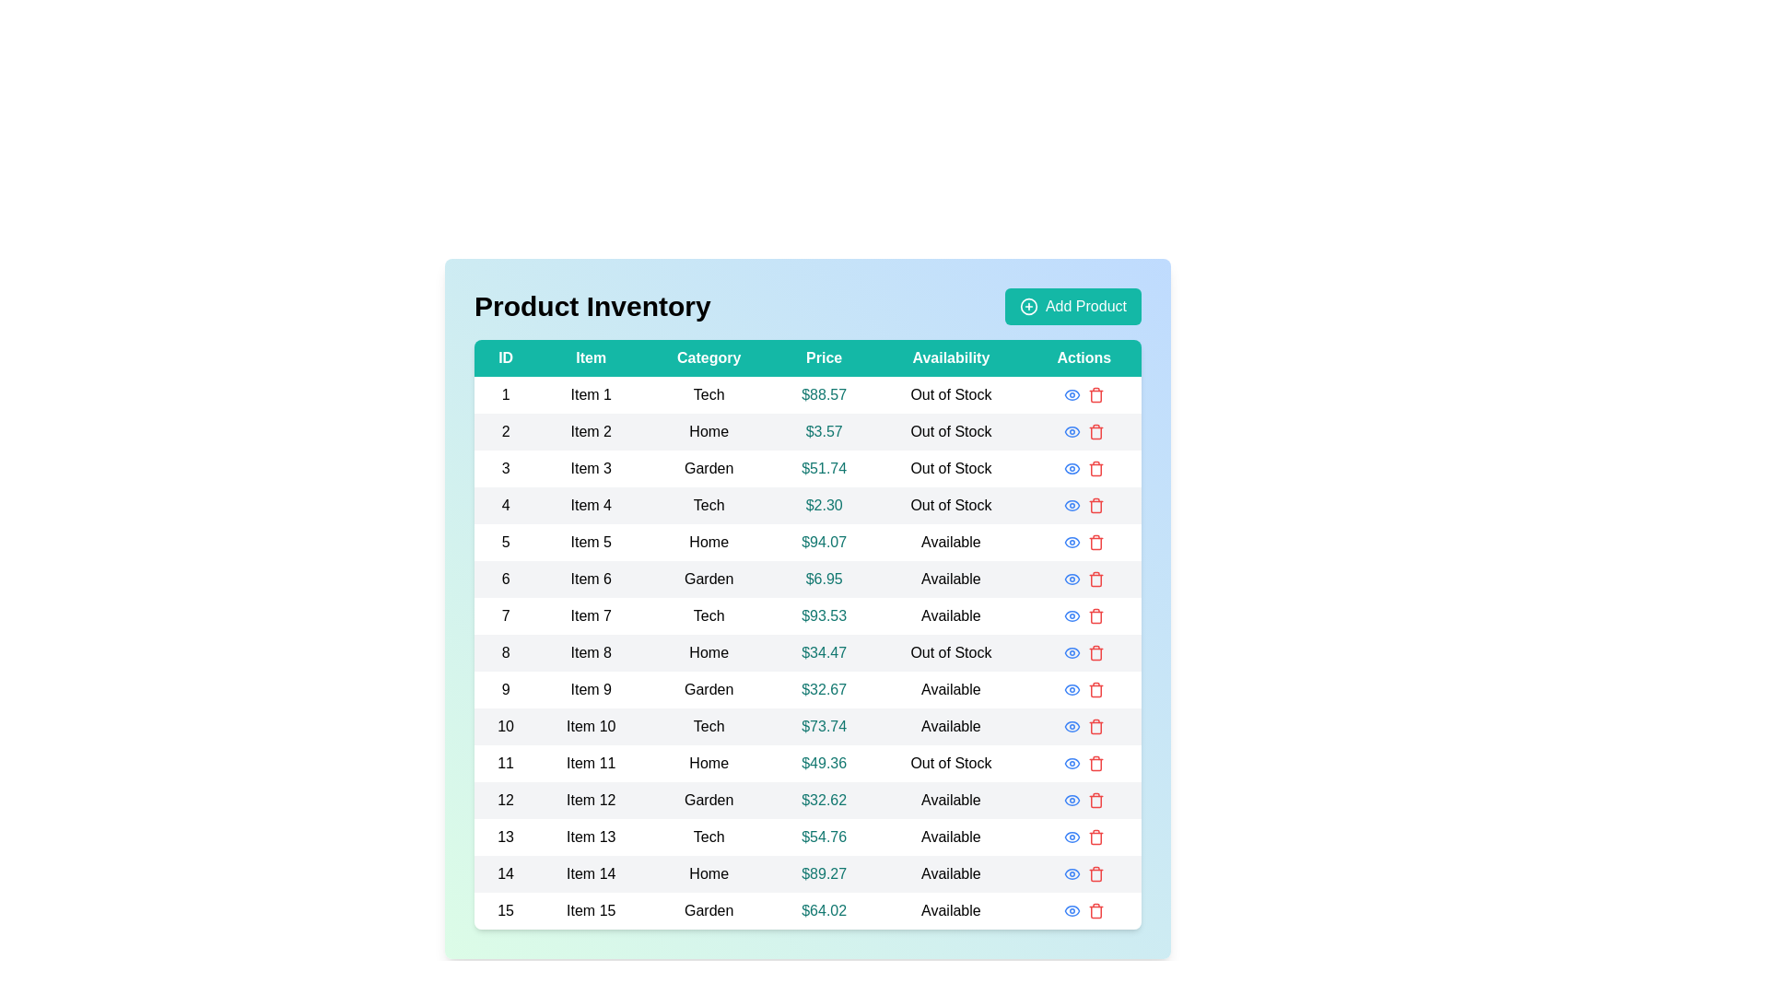 The height and width of the screenshot is (995, 1769). I want to click on the ID header to sort the table by that column, so click(506, 358).